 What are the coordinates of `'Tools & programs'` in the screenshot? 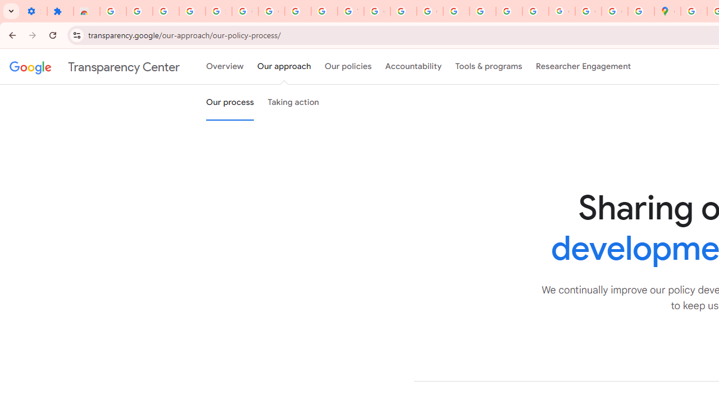 It's located at (488, 67).